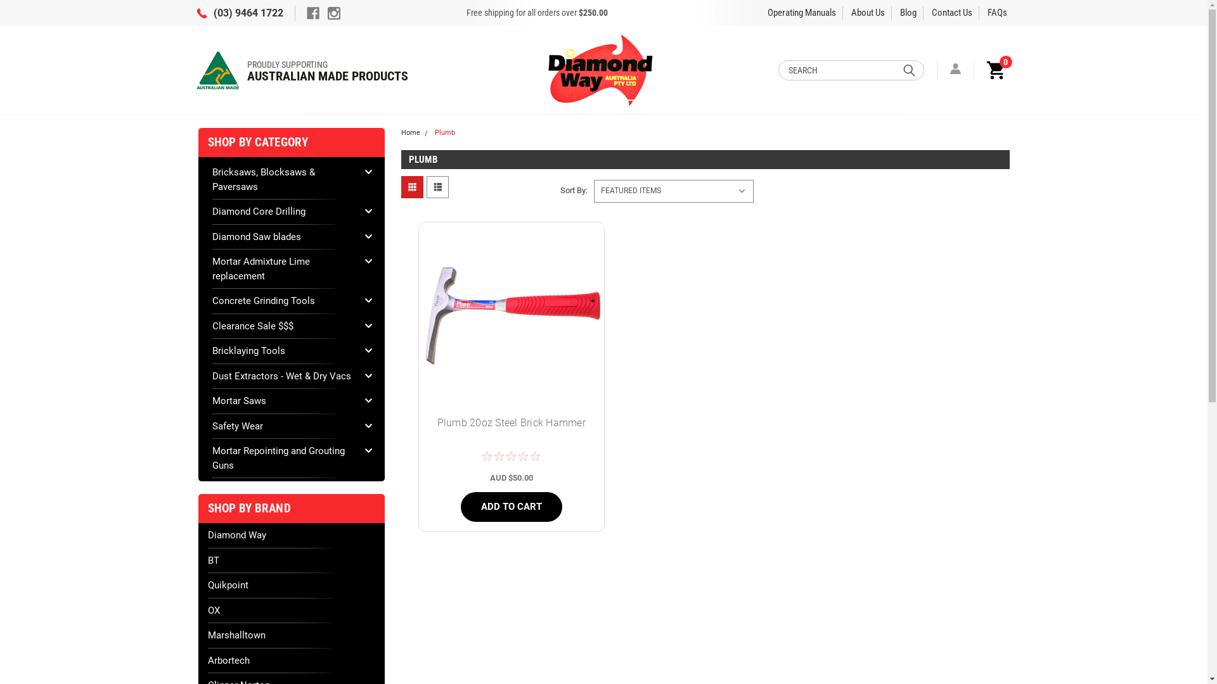 This screenshot has height=684, width=1217. I want to click on 'Blog', so click(908, 12).